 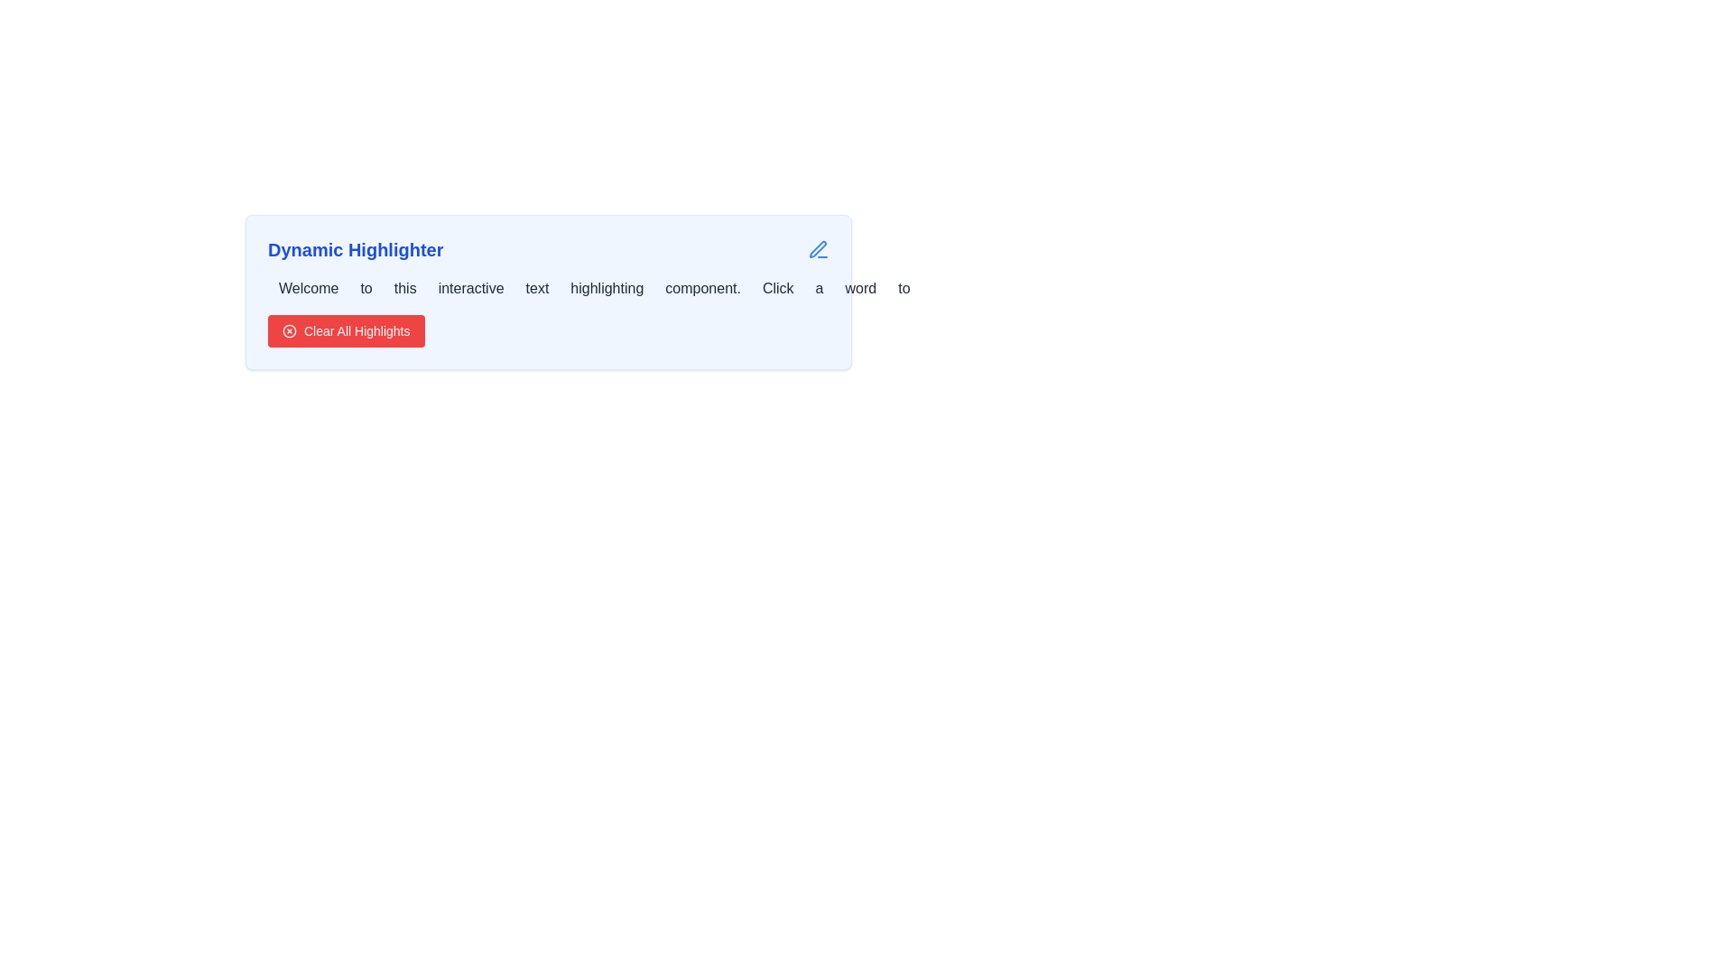 What do you see at coordinates (536, 287) in the screenshot?
I see `the fifth word 'highlight' in the sentence 'Welcome to this interactive text highlighting component. Click a word` at bounding box center [536, 287].